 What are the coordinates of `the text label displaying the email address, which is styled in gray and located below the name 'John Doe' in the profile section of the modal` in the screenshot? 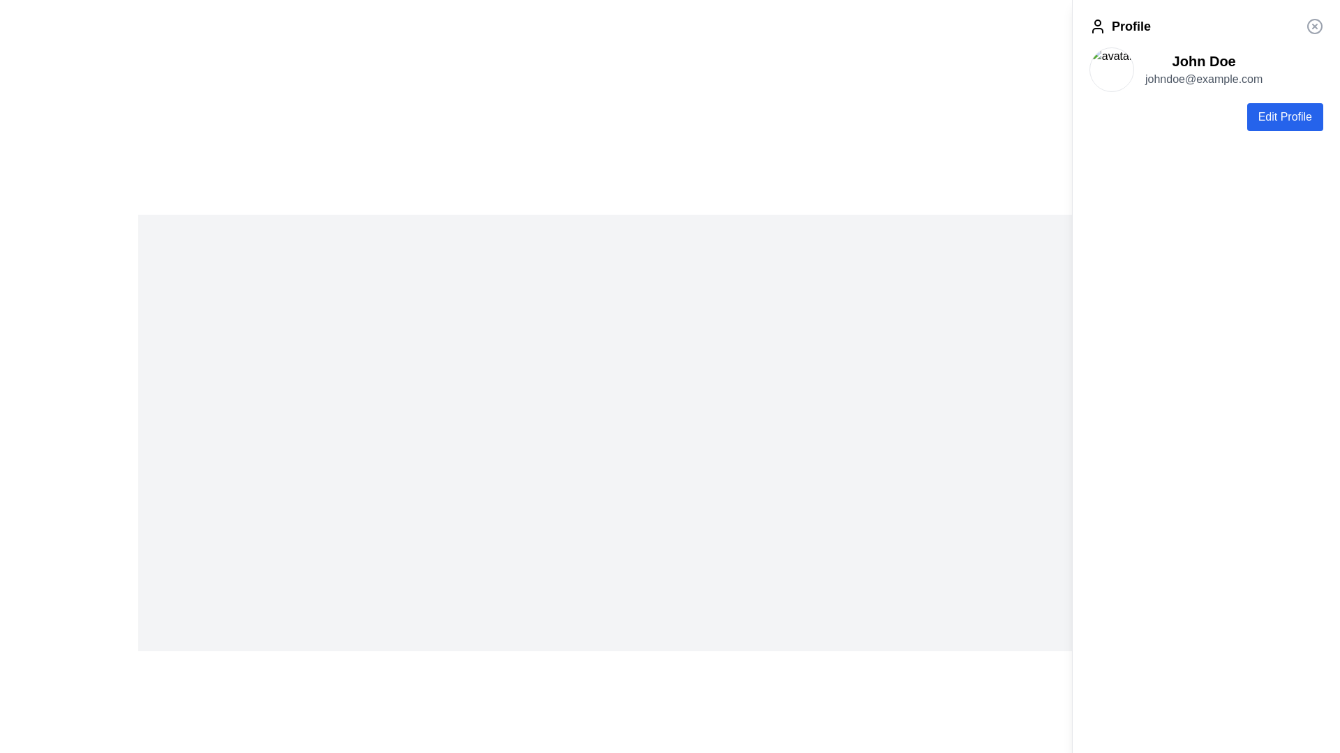 It's located at (1203, 79).